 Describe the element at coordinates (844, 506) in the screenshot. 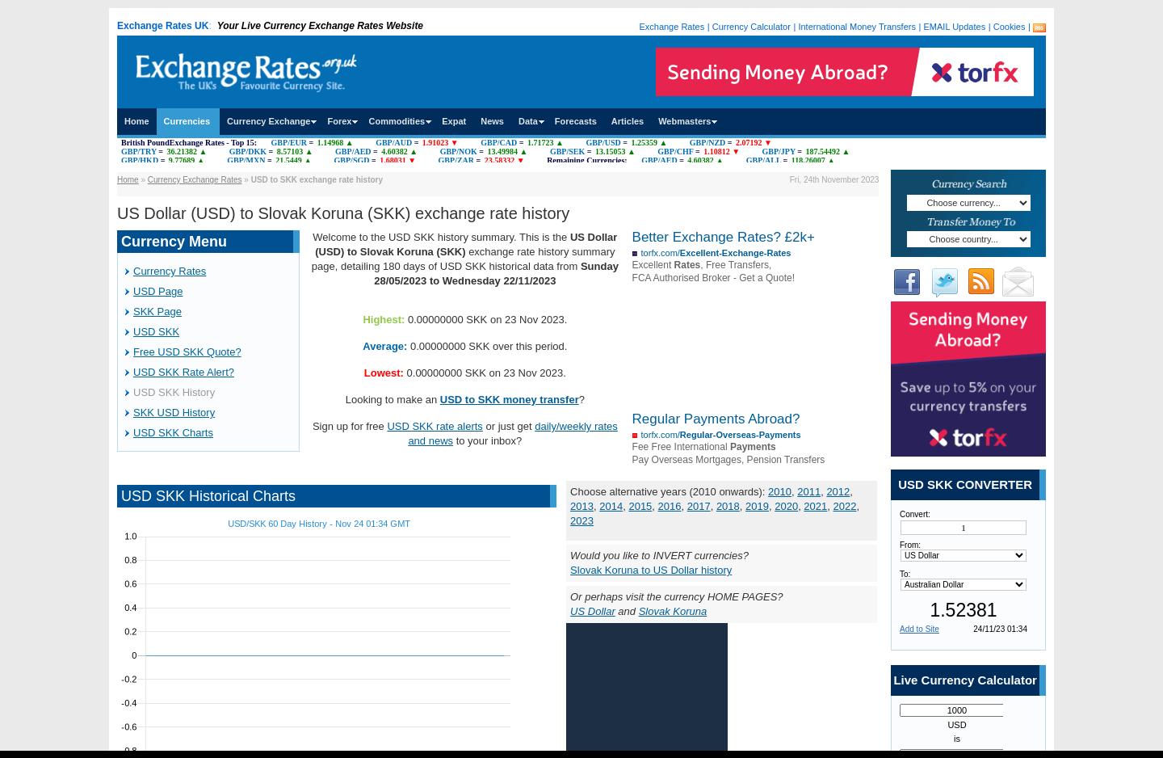

I see `'2022'` at that location.